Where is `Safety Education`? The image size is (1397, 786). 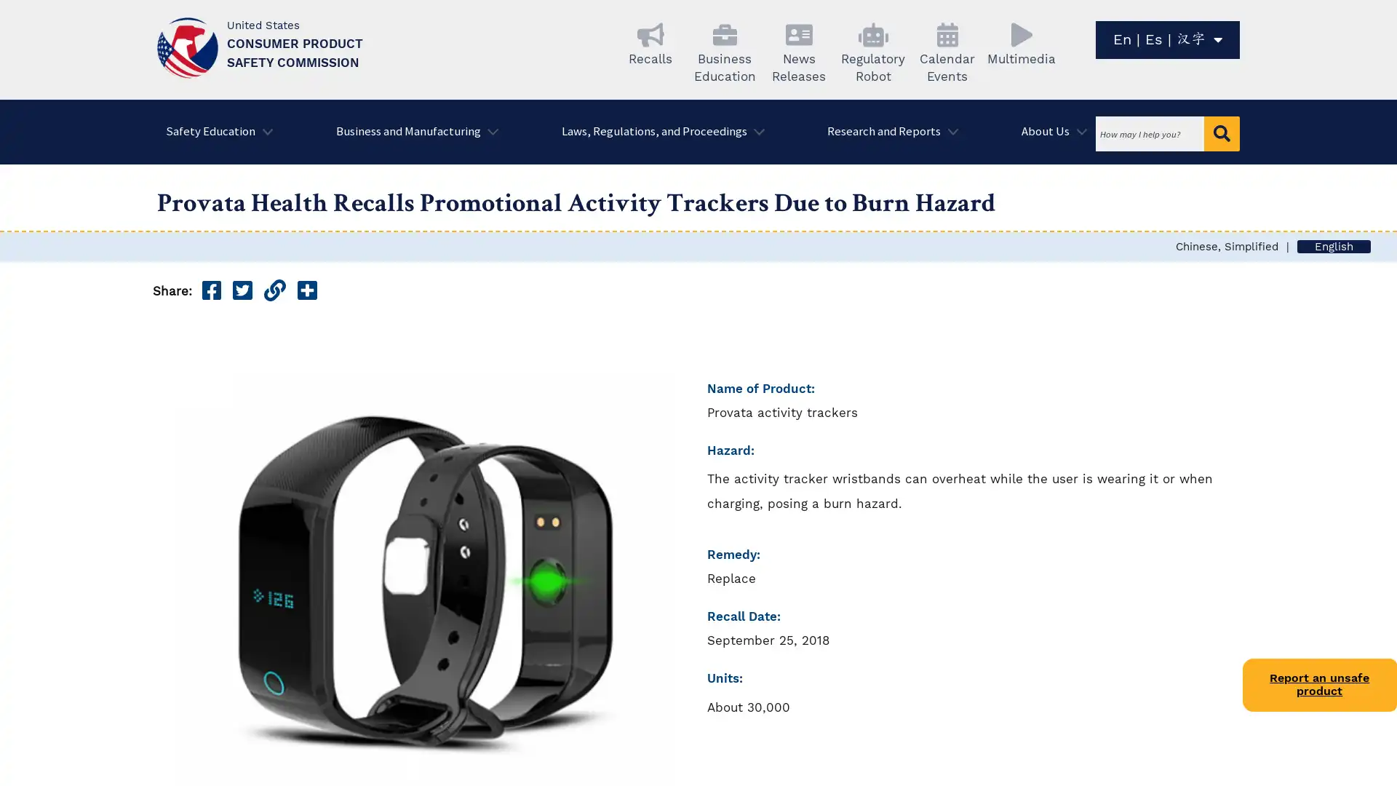
Safety Education is located at coordinates (214, 132).